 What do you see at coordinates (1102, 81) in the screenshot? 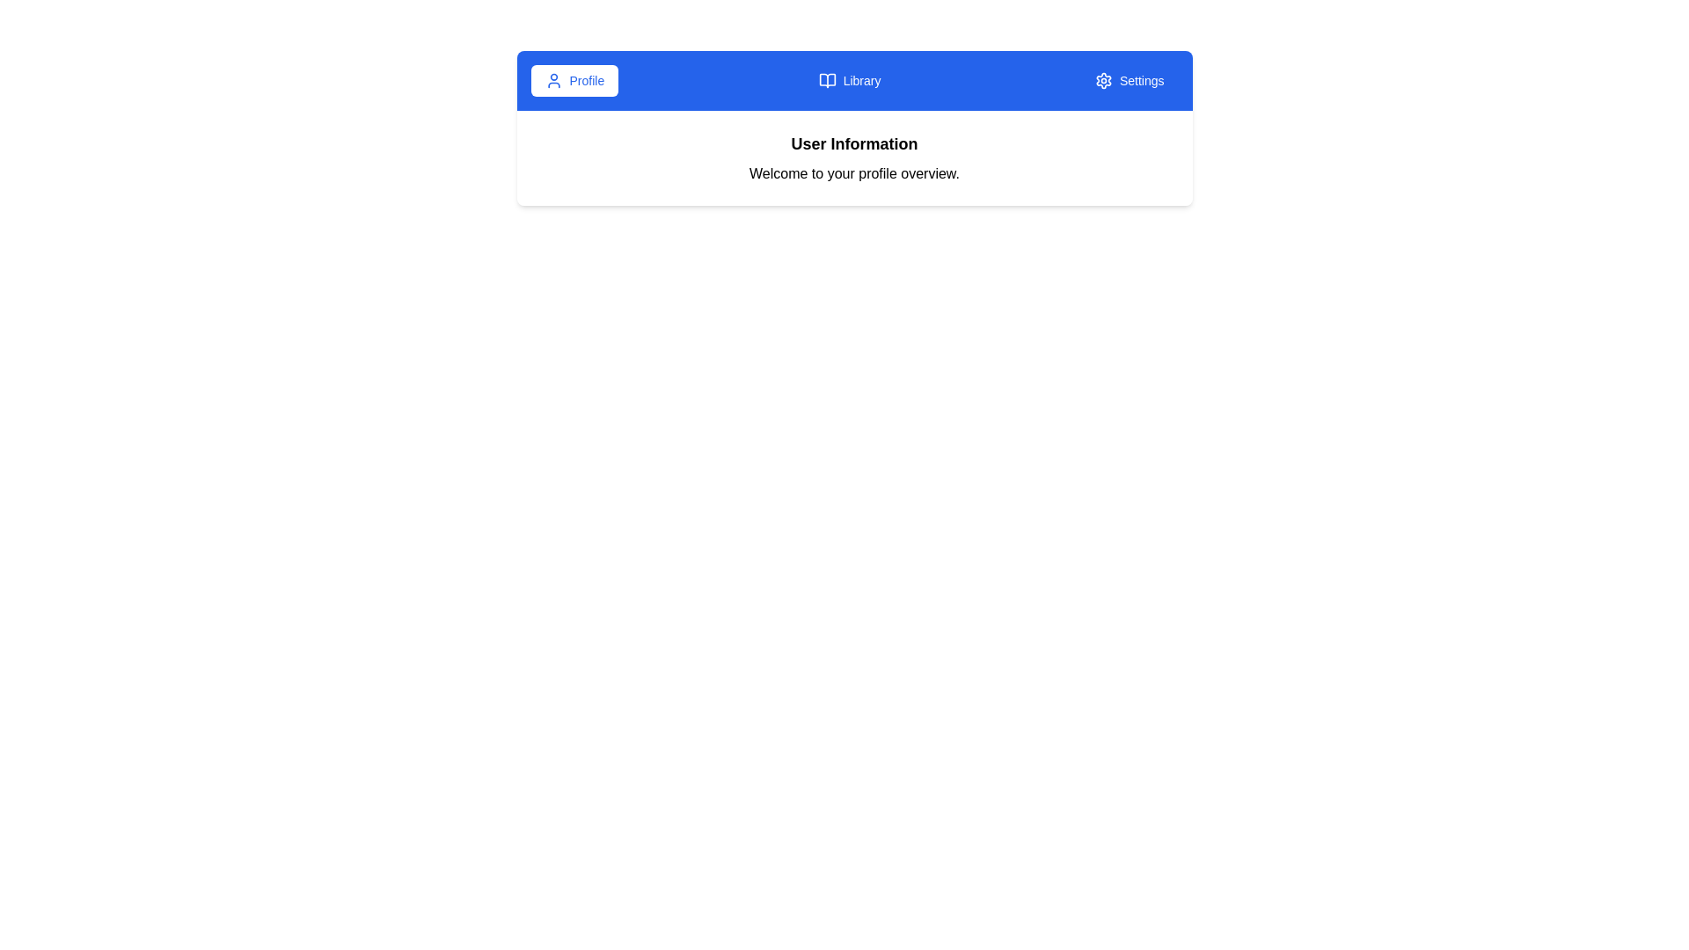
I see `the small gear icon representing settings, located on the far-right side of the blue navigation bar, to the left of the text 'Settings'` at bounding box center [1102, 81].